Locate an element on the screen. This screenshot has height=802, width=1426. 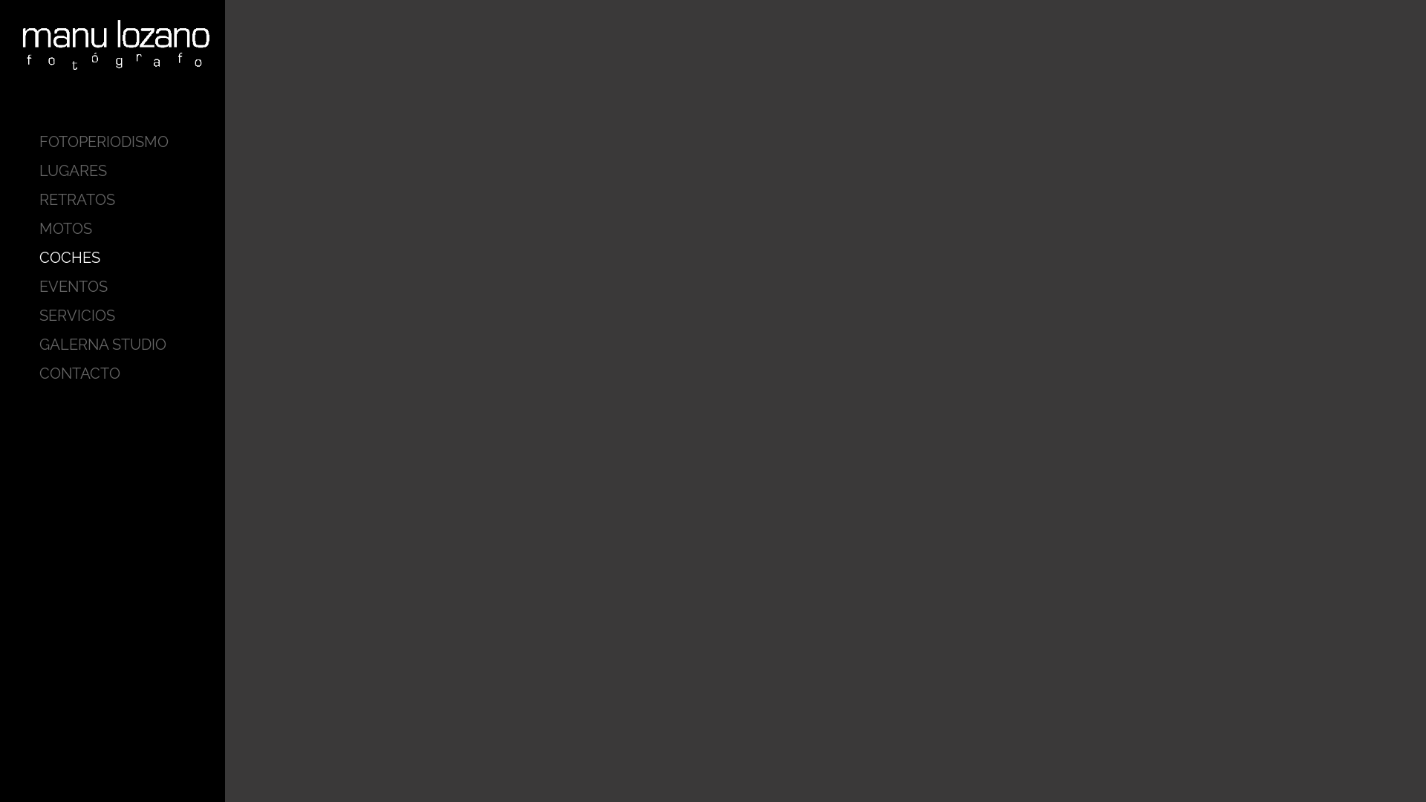
'LUGARES' is located at coordinates (102, 170).